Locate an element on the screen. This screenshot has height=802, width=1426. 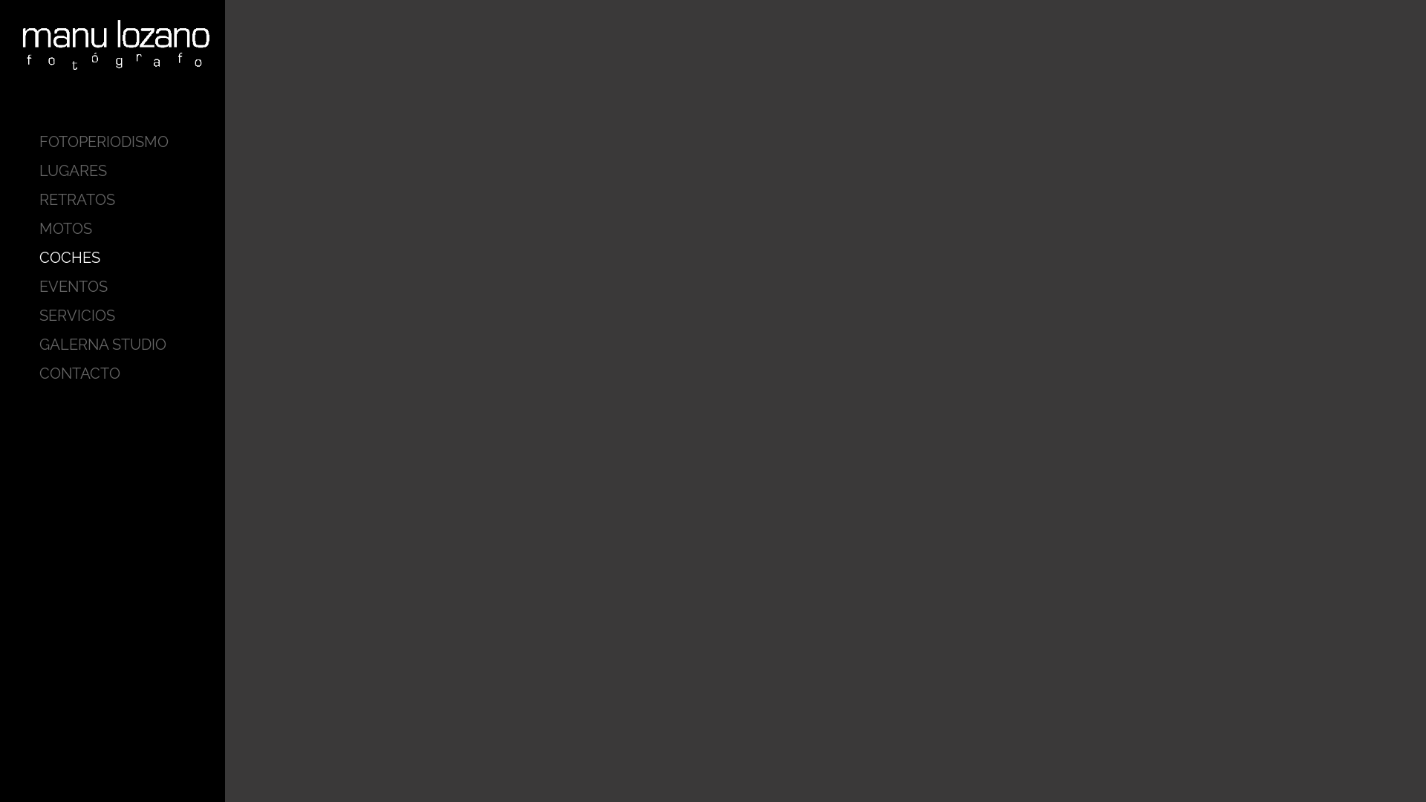
'LUGARES' is located at coordinates (102, 170).